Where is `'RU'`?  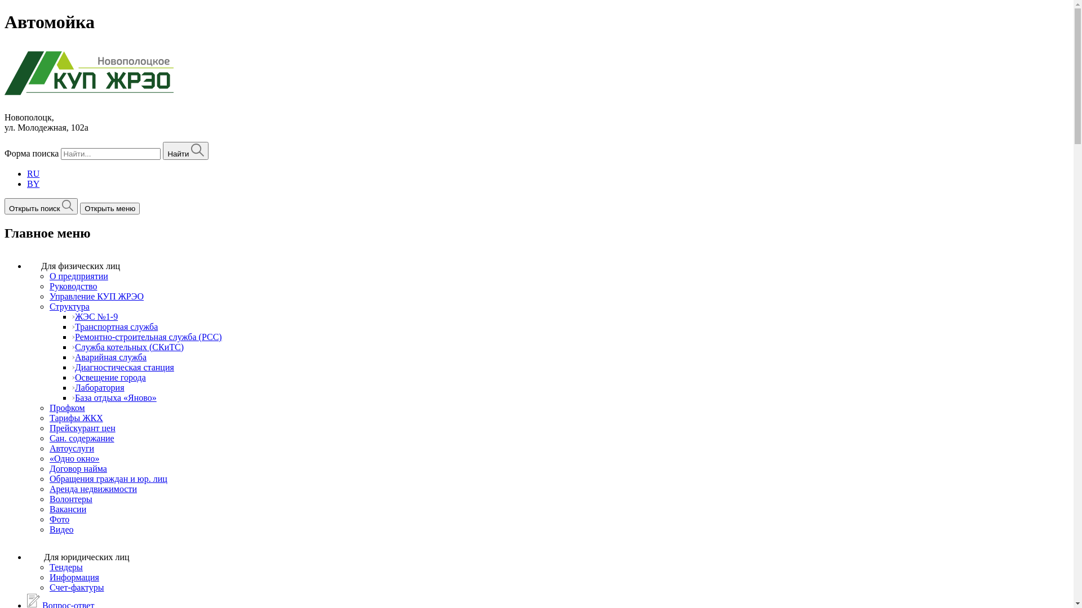 'RU' is located at coordinates (33, 173).